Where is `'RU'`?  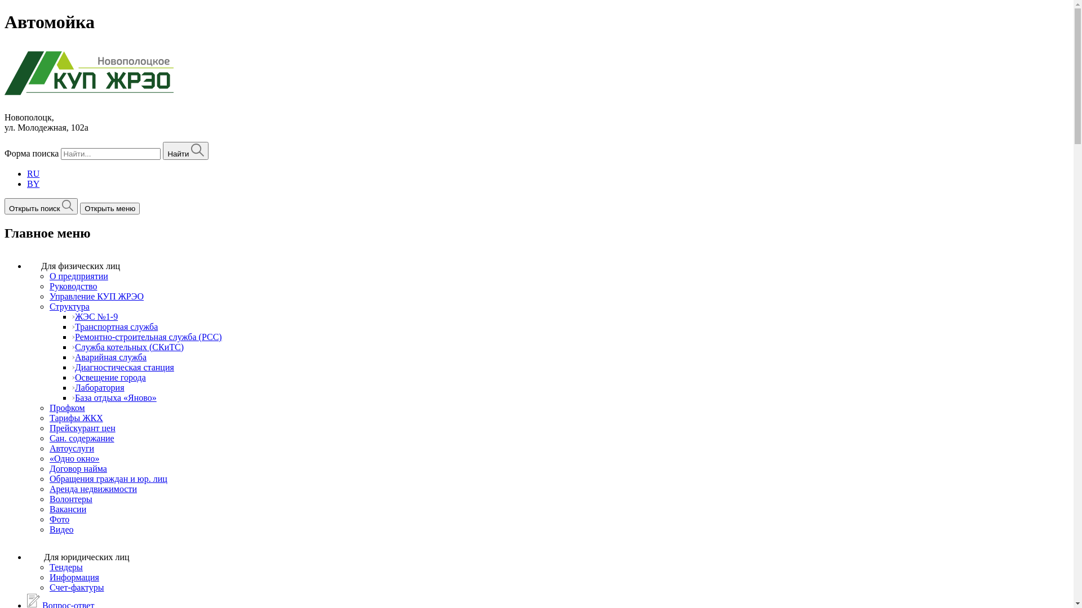 'RU' is located at coordinates (33, 173).